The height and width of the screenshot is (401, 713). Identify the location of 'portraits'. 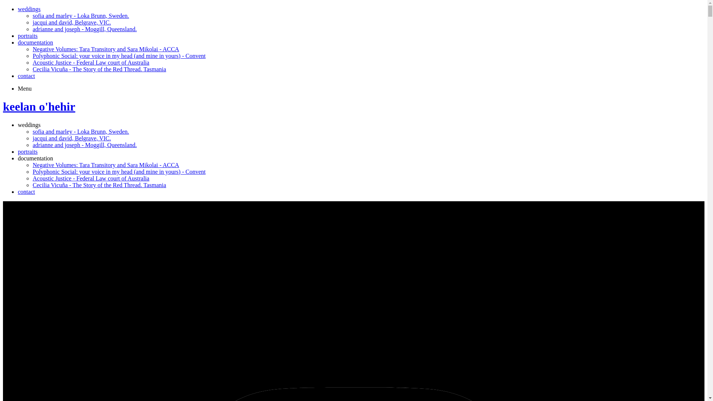
(27, 151).